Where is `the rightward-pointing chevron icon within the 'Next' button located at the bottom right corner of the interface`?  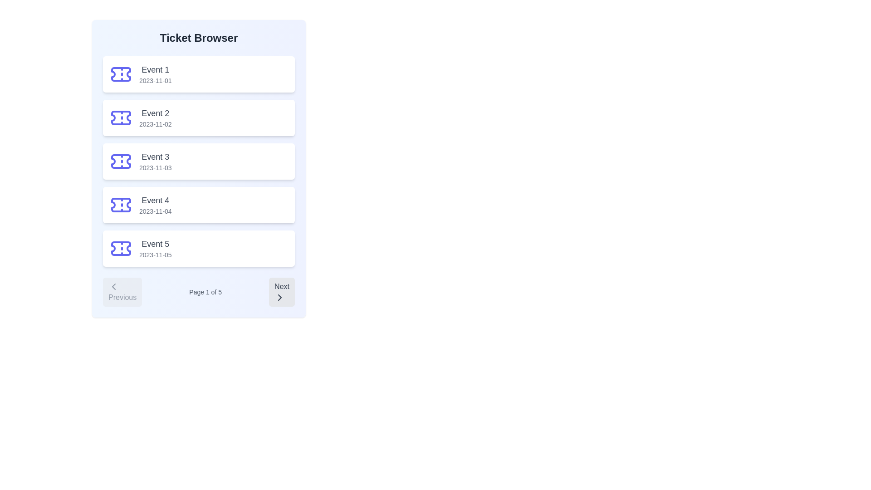
the rightward-pointing chevron icon within the 'Next' button located at the bottom right corner of the interface is located at coordinates (279, 297).